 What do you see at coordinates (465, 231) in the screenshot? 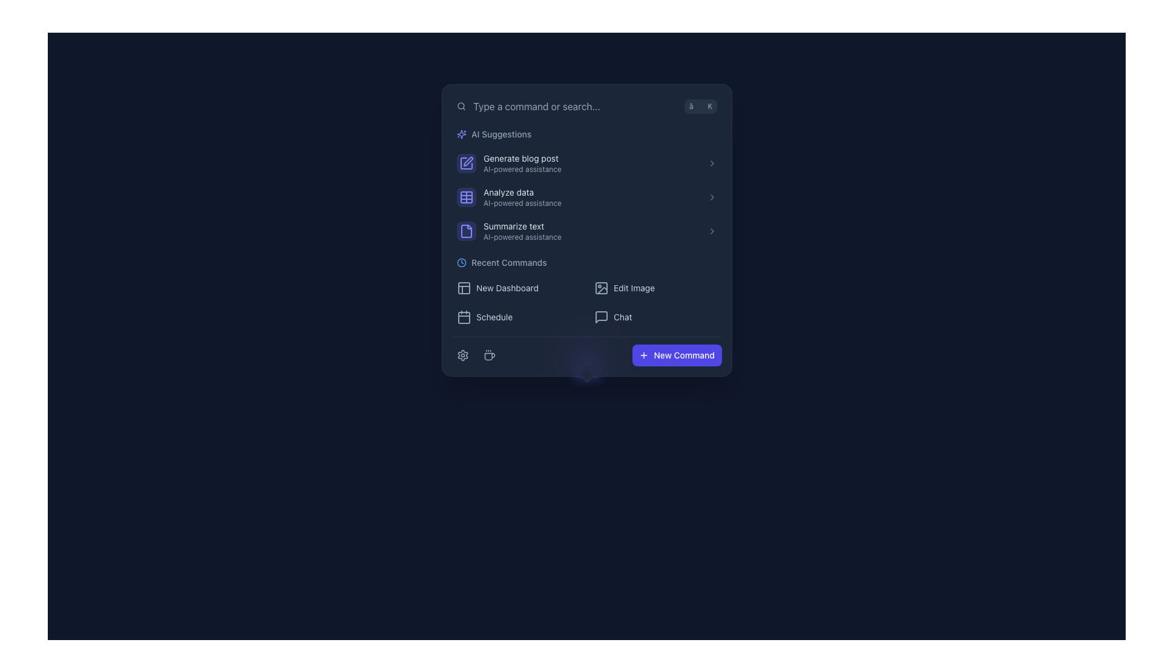
I see `the leftmost icon in a vertically stacked list, which visually represents a file-type entity and is adjacent to a similar component` at bounding box center [465, 231].